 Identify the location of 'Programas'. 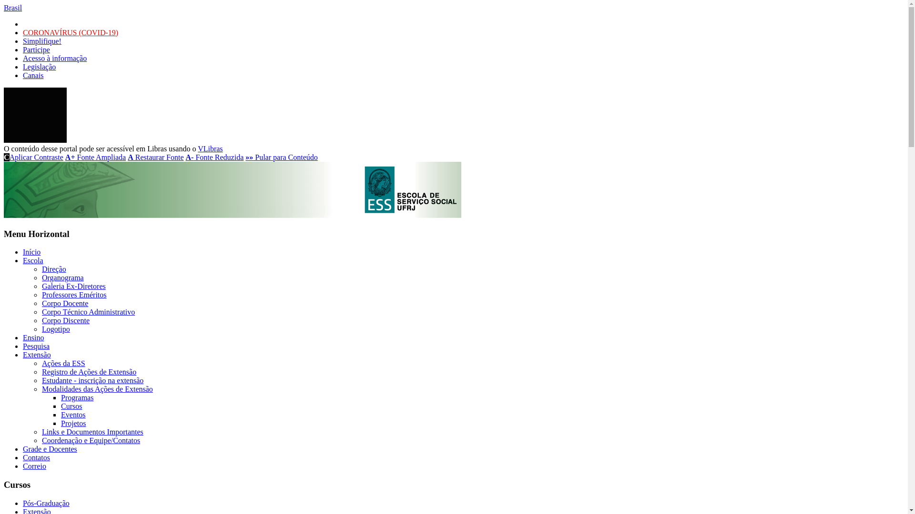
(77, 397).